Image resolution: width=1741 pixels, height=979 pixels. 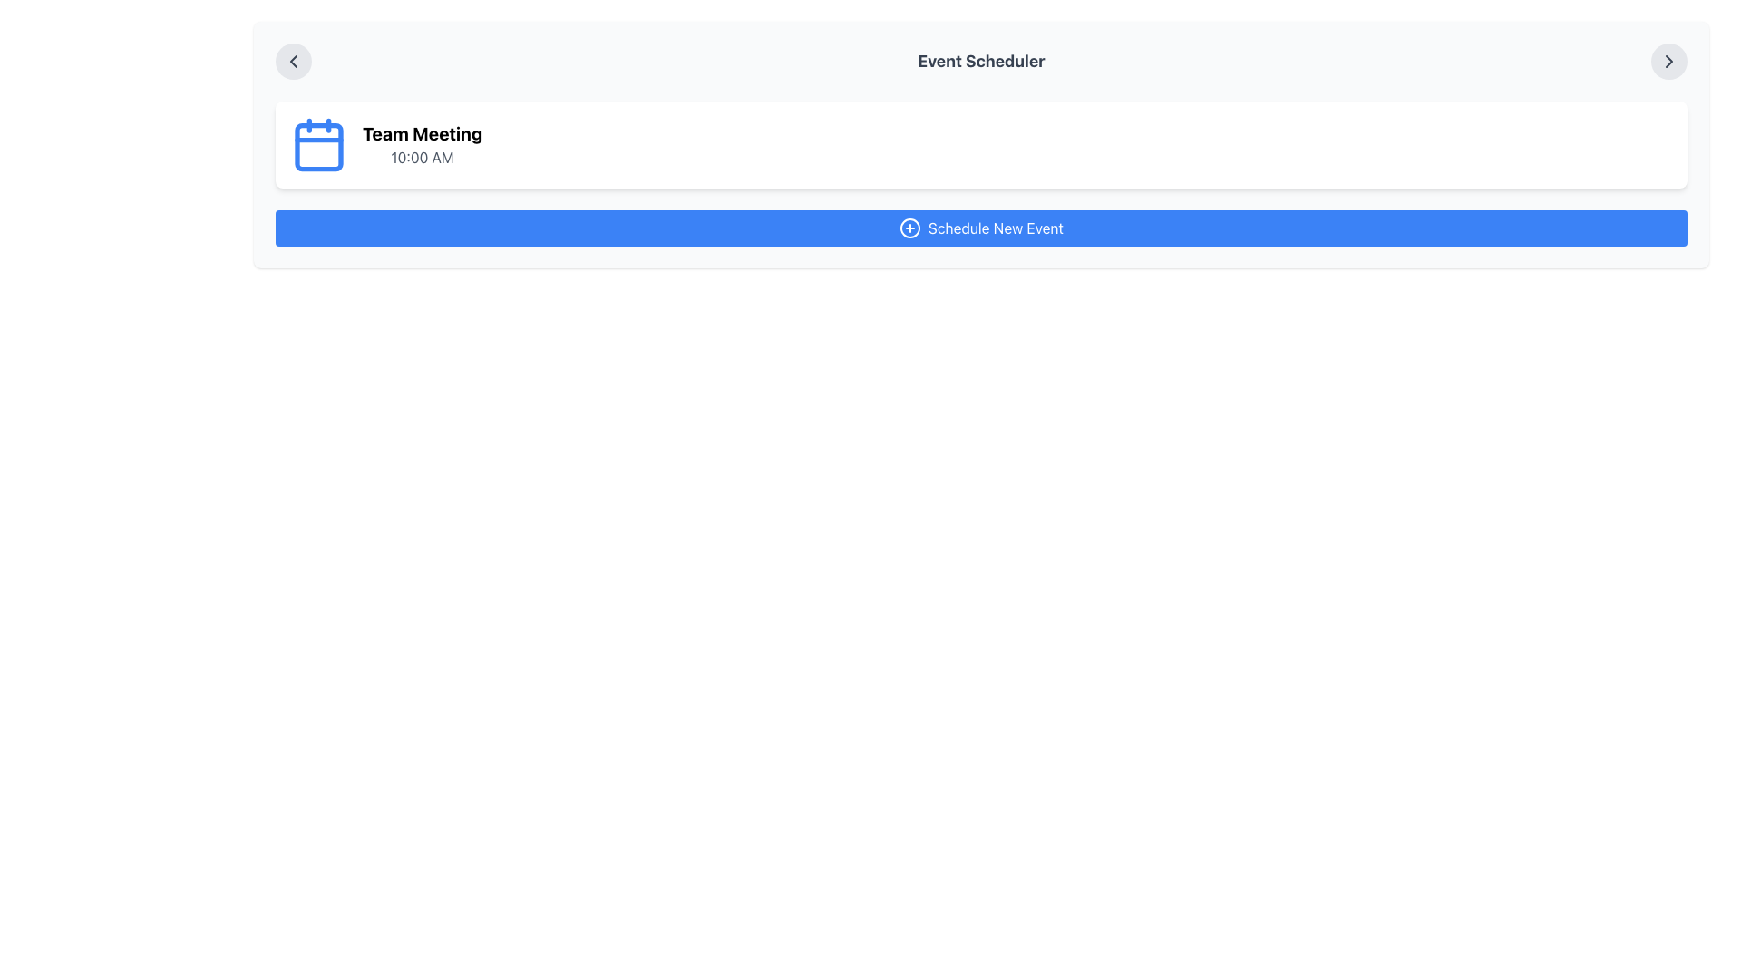 I want to click on the circular icon within the 'Schedule New Event' button, which is part of an SVG graphic and located near the left side of the button, so click(x=909, y=227).